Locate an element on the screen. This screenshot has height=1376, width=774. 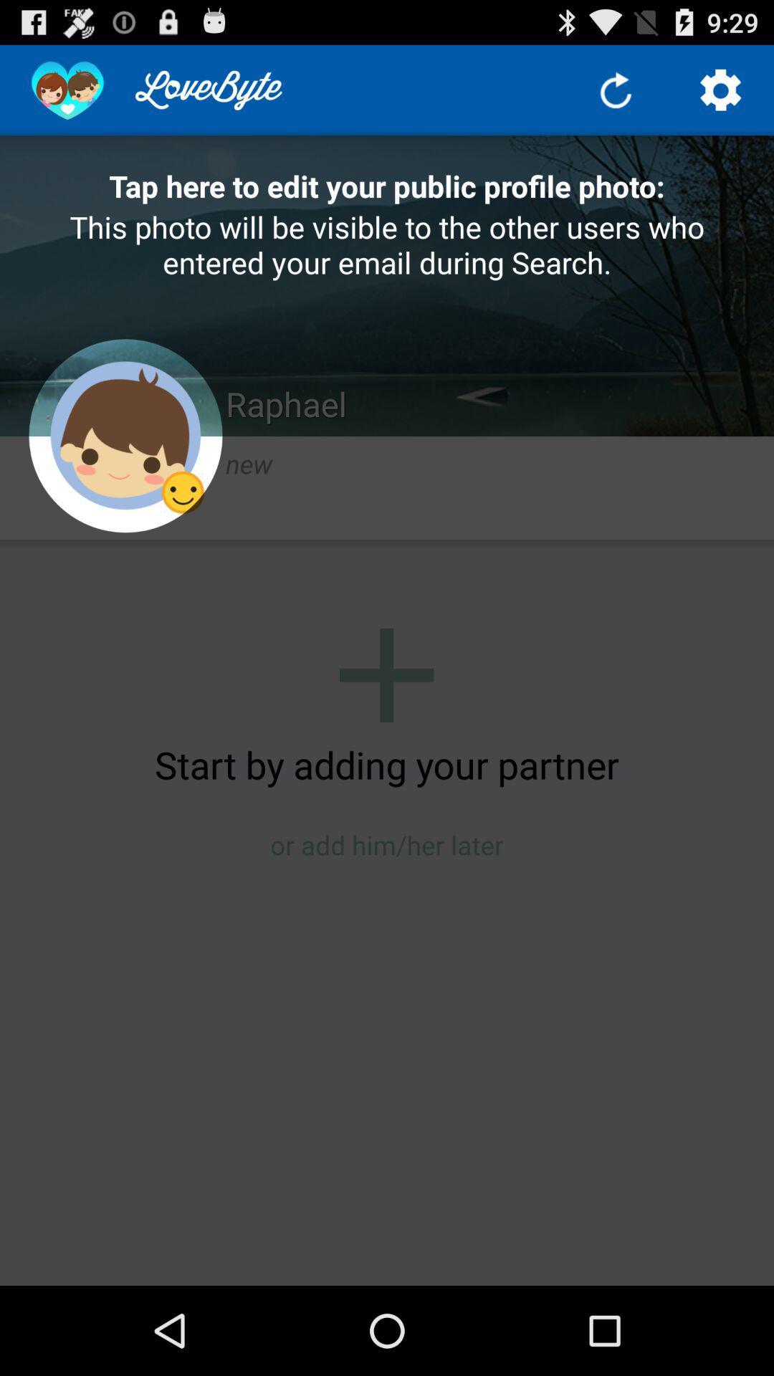
or add him item is located at coordinates (387, 845).